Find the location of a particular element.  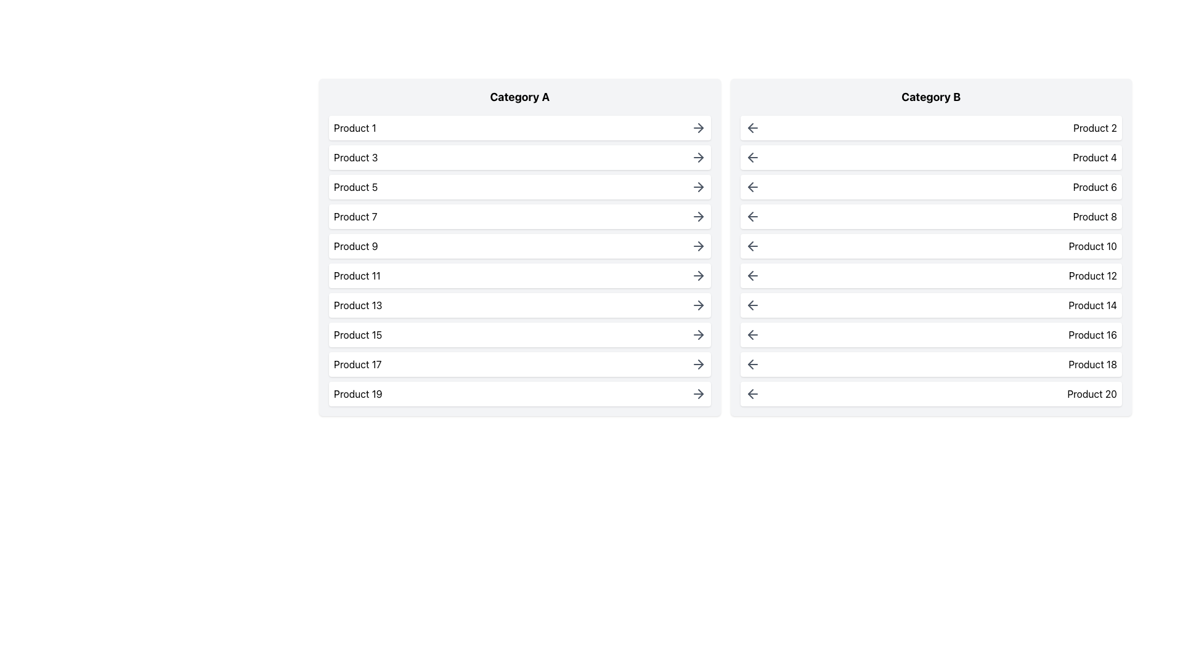

the back navigation button located at the beginning of the 'Product 2' row under the 'Category B' column to trigger a color change effect is located at coordinates (752, 128).